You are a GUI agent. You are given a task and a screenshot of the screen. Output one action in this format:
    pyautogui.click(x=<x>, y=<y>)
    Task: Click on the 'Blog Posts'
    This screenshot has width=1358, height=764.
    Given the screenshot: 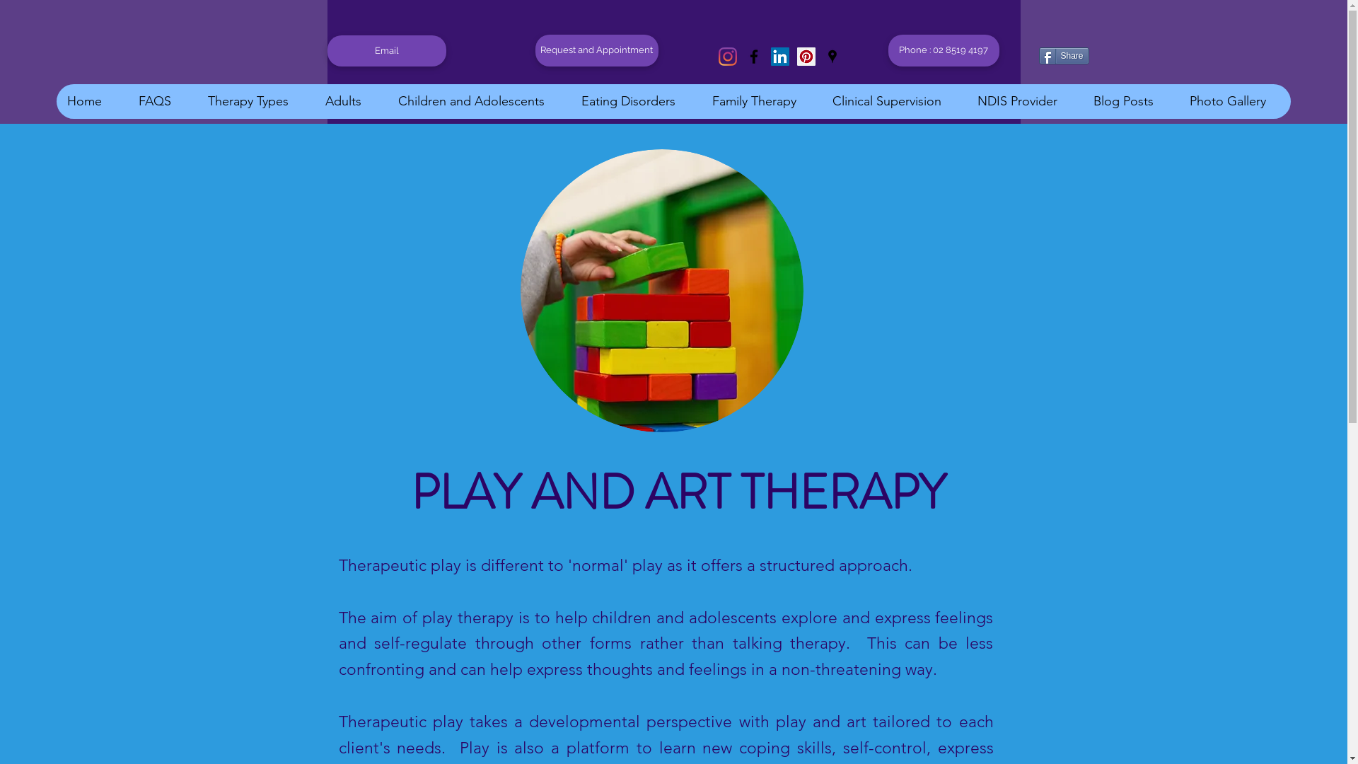 What is the action you would take?
    pyautogui.click(x=1130, y=100)
    